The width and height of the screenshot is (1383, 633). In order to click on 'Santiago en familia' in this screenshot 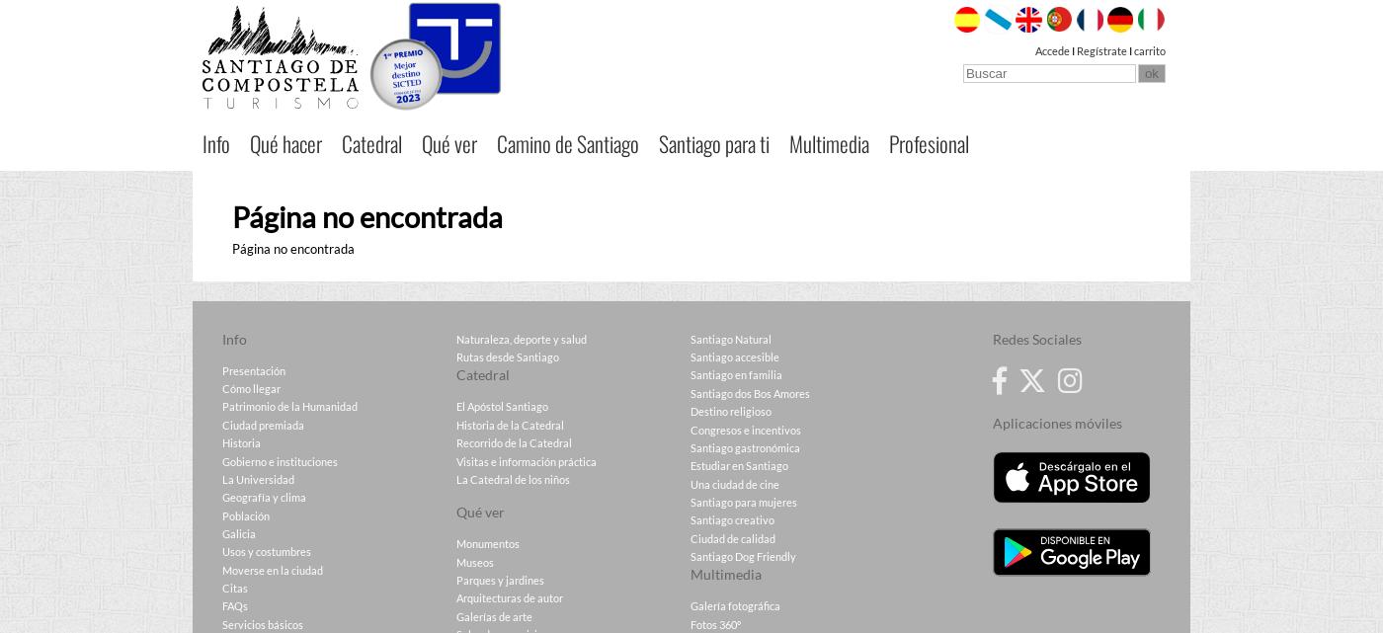, I will do `click(691, 373)`.